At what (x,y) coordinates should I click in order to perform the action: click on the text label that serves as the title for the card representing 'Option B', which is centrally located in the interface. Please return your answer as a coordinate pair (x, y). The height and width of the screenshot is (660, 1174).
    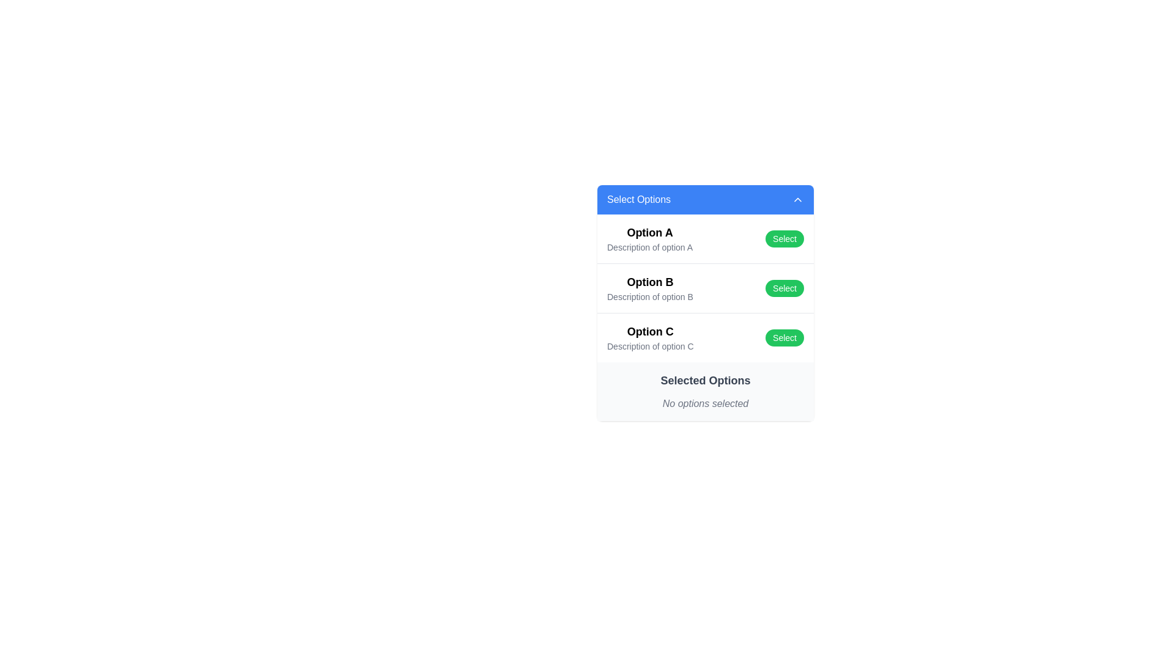
    Looking at the image, I should click on (649, 282).